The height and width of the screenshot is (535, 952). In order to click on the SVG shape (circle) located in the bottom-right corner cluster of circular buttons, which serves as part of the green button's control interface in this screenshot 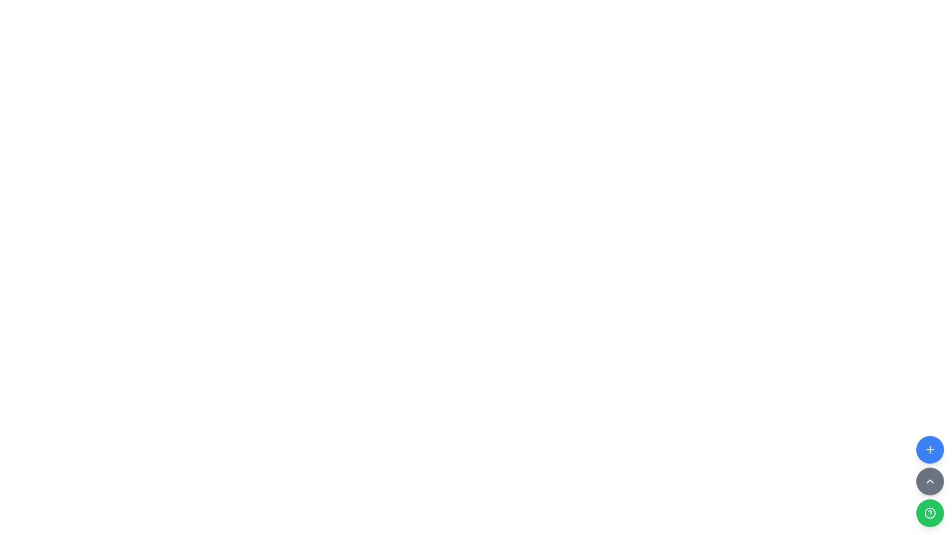, I will do `click(930, 513)`.